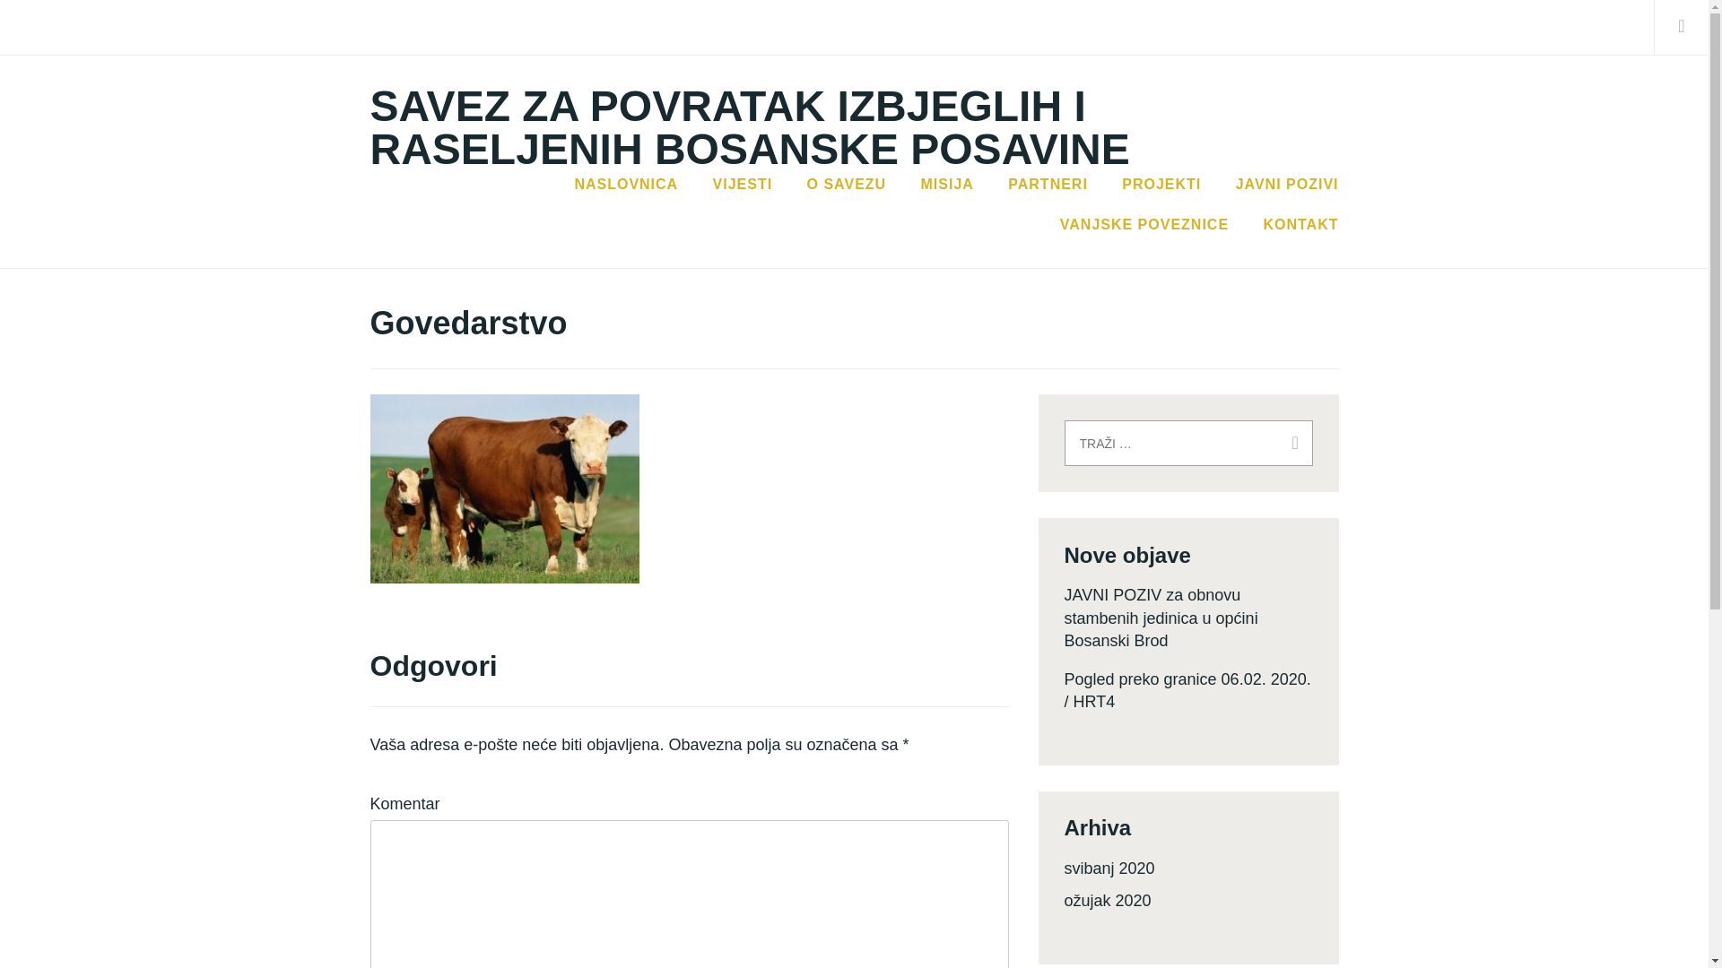 This screenshot has width=1722, height=968. What do you see at coordinates (1059, 223) in the screenshot?
I see `'VANJSKE POVEZNICE'` at bounding box center [1059, 223].